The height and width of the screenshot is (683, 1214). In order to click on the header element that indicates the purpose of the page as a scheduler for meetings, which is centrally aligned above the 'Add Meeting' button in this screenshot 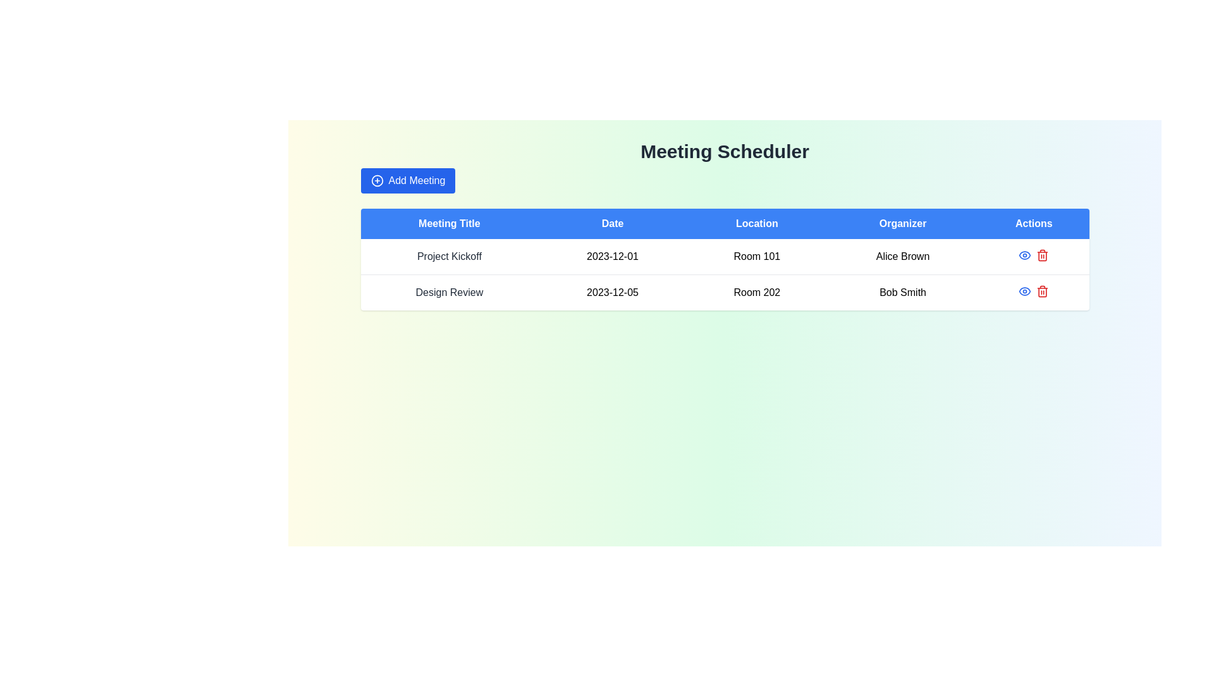, I will do `click(725, 151)`.